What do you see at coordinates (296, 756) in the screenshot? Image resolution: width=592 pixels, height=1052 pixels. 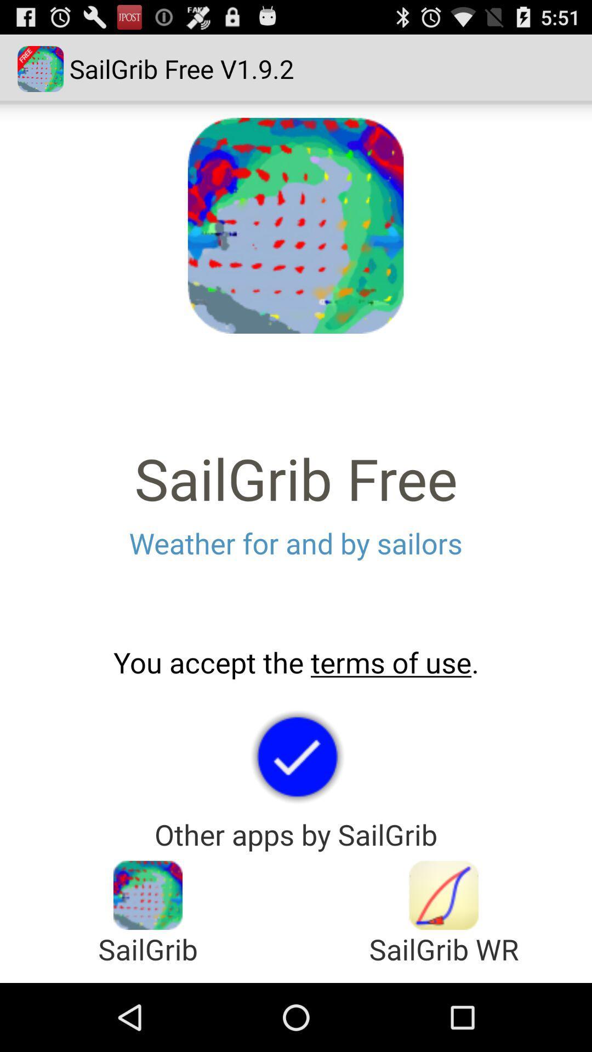 I see `accept terms of use option` at bounding box center [296, 756].